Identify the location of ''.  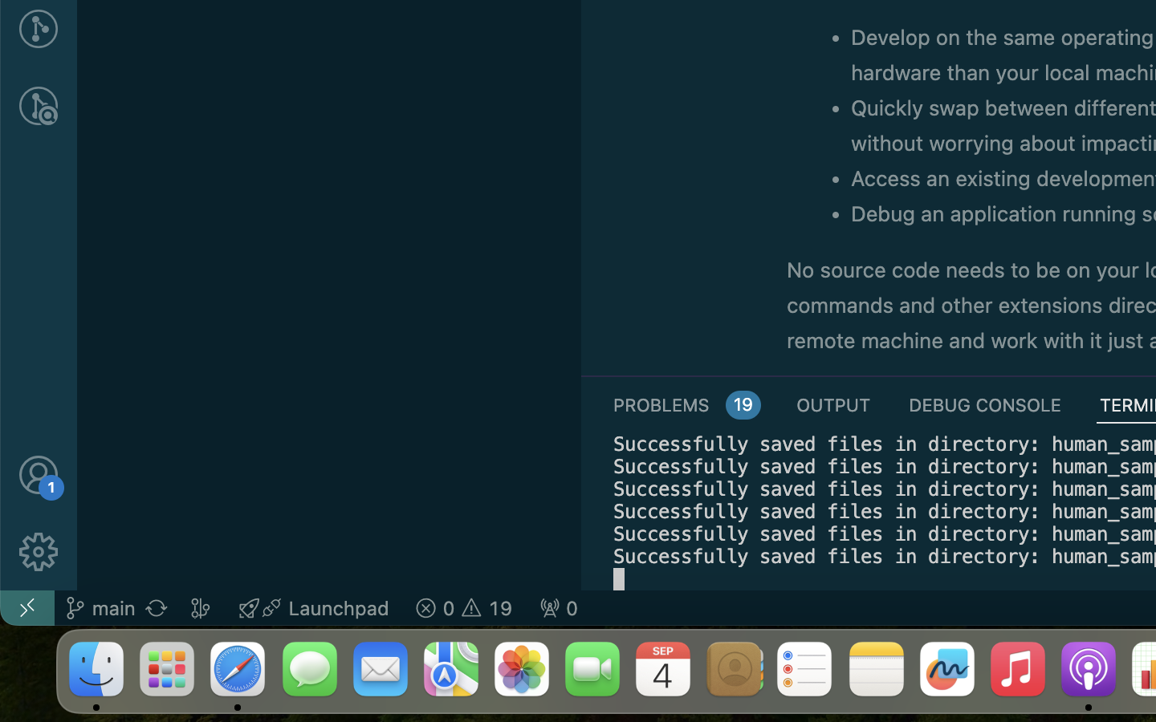
(37, 475).